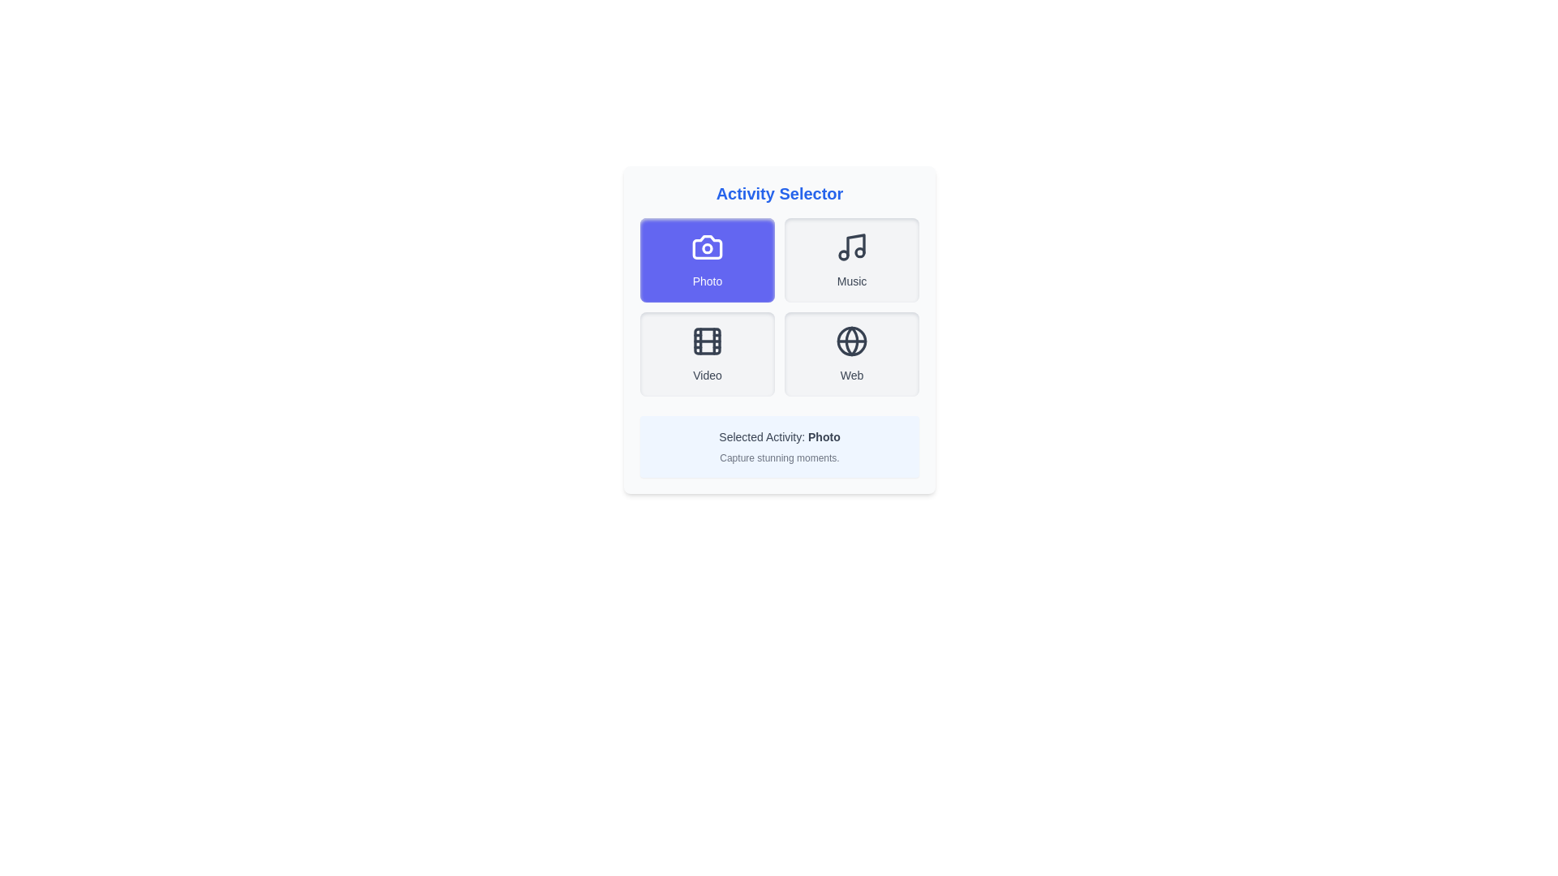 The image size is (1558, 876). I want to click on the text label located at the bottom center of the 'Photo' button, which indicates its functionality for initiating a photo-related activity, so click(708, 281).